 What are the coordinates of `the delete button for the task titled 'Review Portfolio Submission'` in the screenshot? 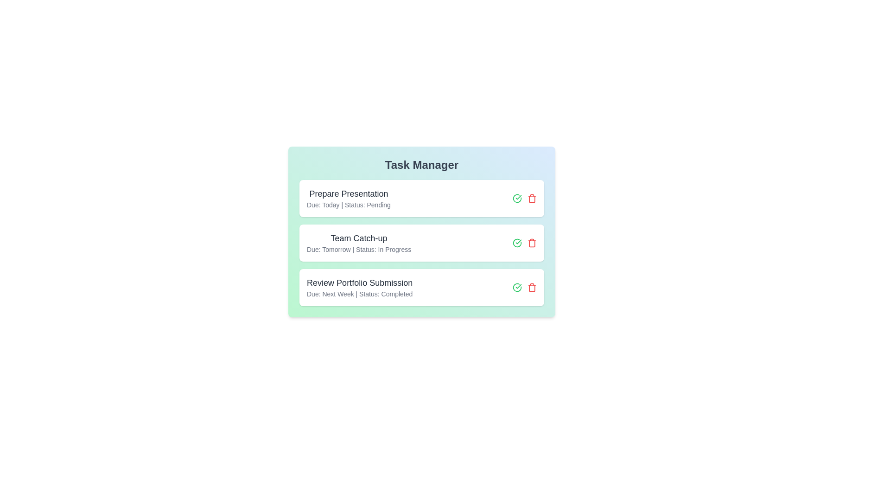 It's located at (532, 287).